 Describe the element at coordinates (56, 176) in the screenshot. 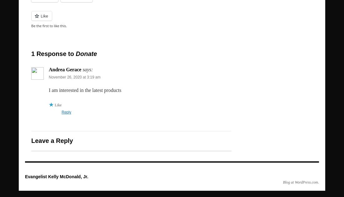

I see `'Evangelist Kelly McDonald, Jr.'` at that location.